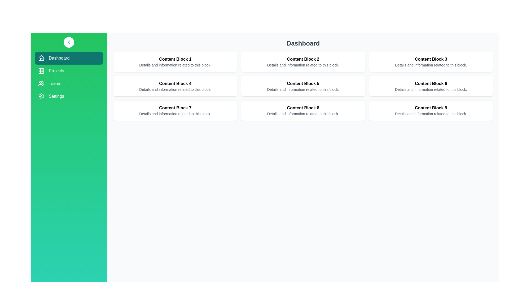 The image size is (509, 286). Describe the element at coordinates (68, 83) in the screenshot. I see `the menu item Teams from the sidebar` at that location.